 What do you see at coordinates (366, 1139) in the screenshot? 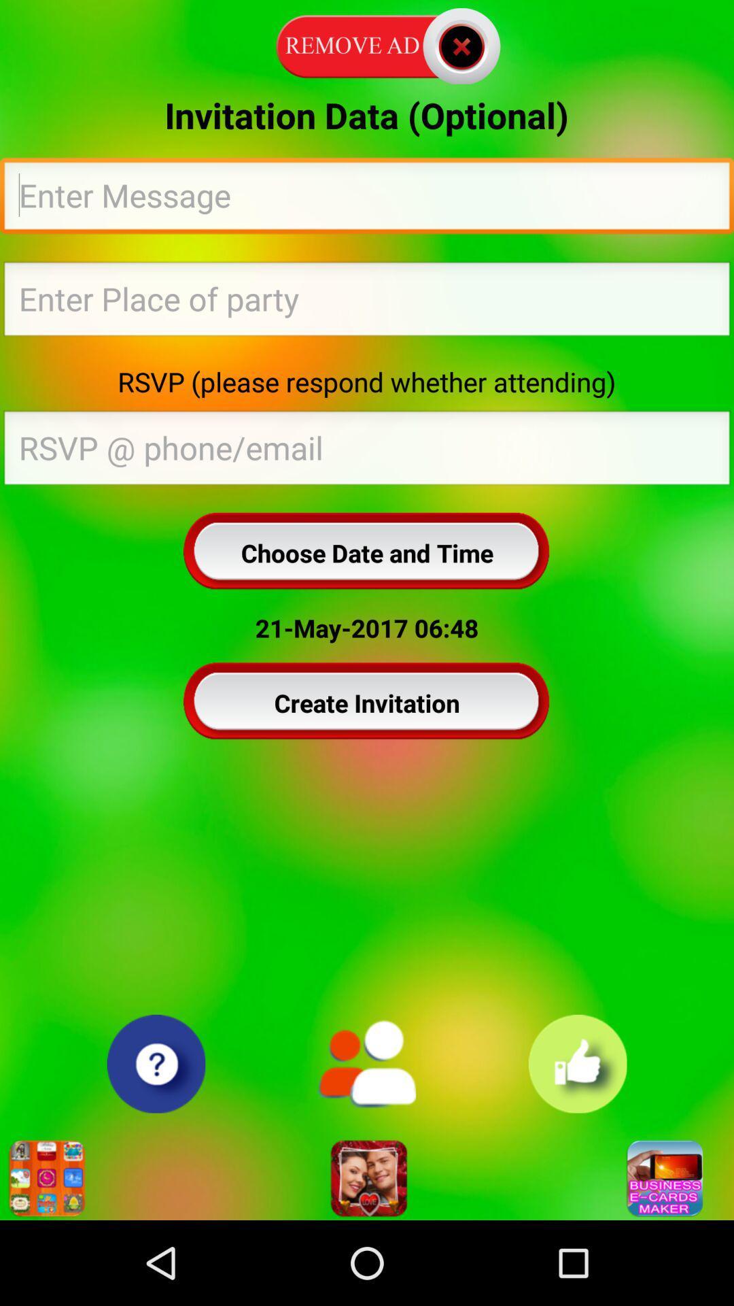
I see `the avatar icon` at bounding box center [366, 1139].